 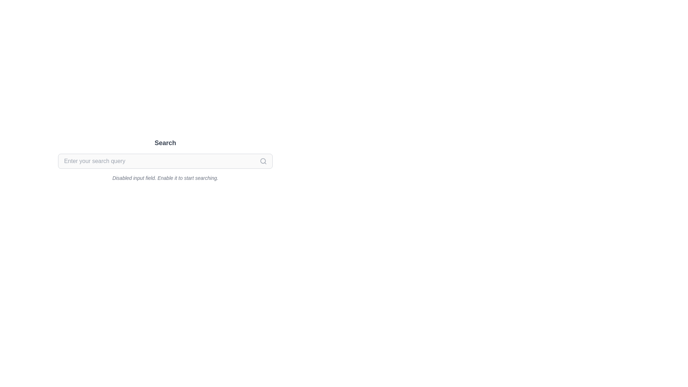 What do you see at coordinates (263, 161) in the screenshot?
I see `the circular search icon located at the extreme right side of the search bar` at bounding box center [263, 161].